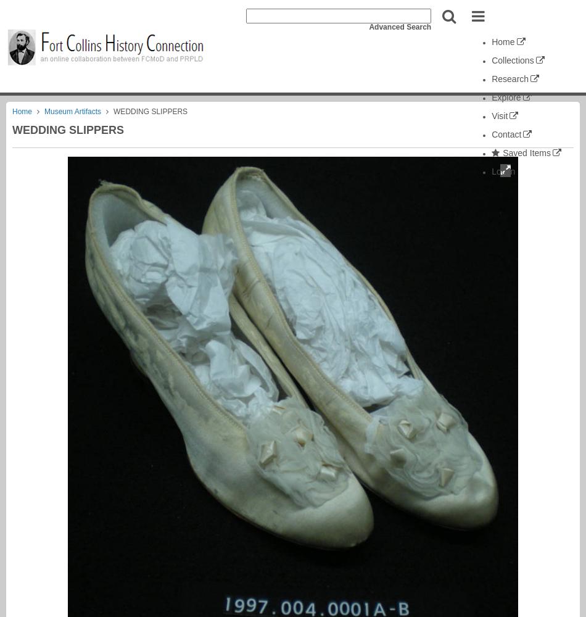 The image size is (586, 617). I want to click on 'Explore', so click(490, 97).